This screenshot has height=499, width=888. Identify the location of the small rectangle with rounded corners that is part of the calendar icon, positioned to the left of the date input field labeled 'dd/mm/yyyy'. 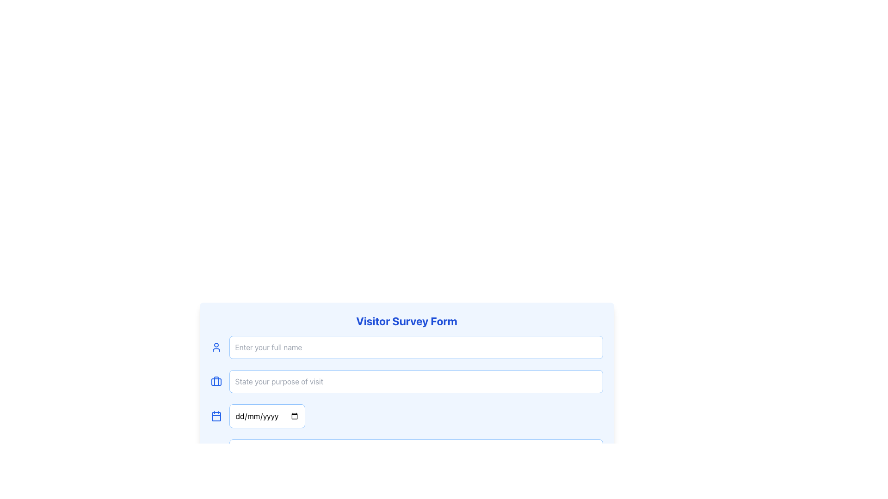
(216, 417).